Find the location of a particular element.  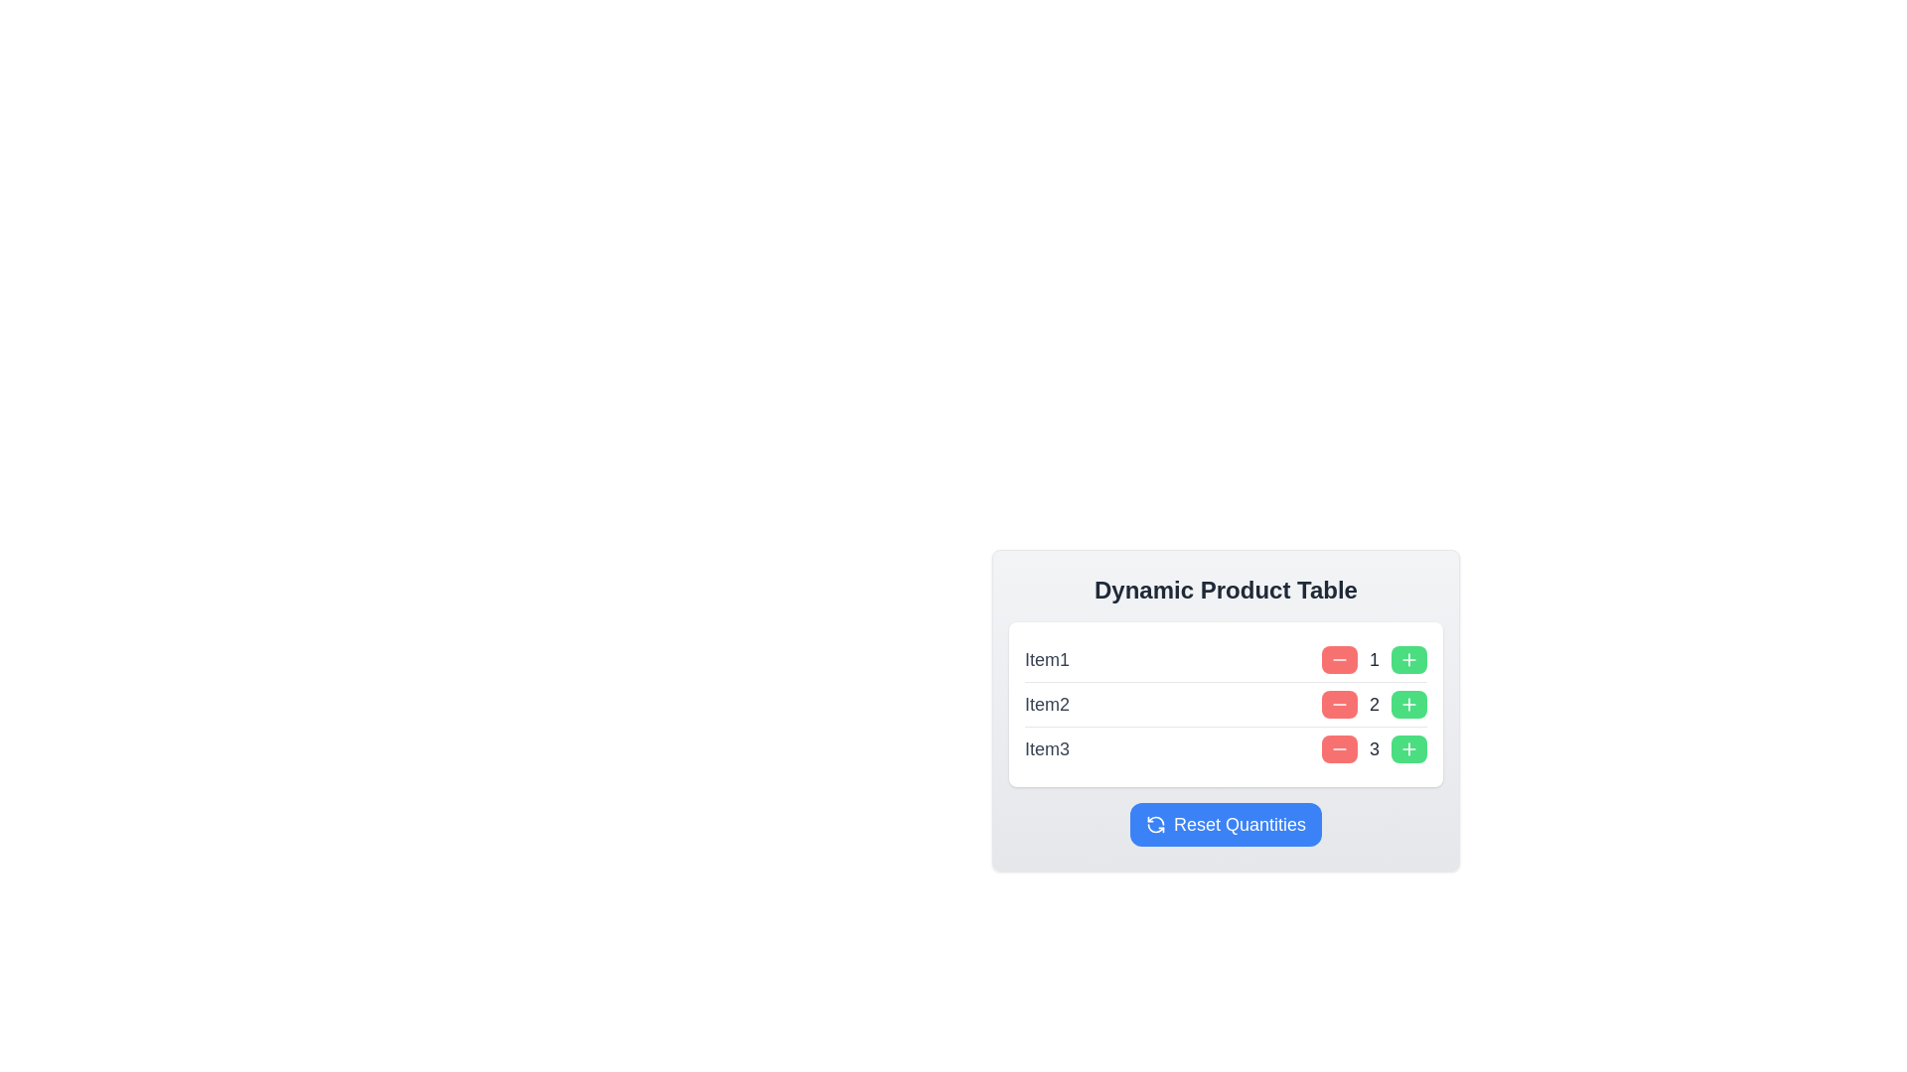

the numeric text '2' in the second row of the product table, which is styled with medium font weight and gray color, located between a red 'minus' button and a green 'plus' button is located at coordinates (1373, 703).